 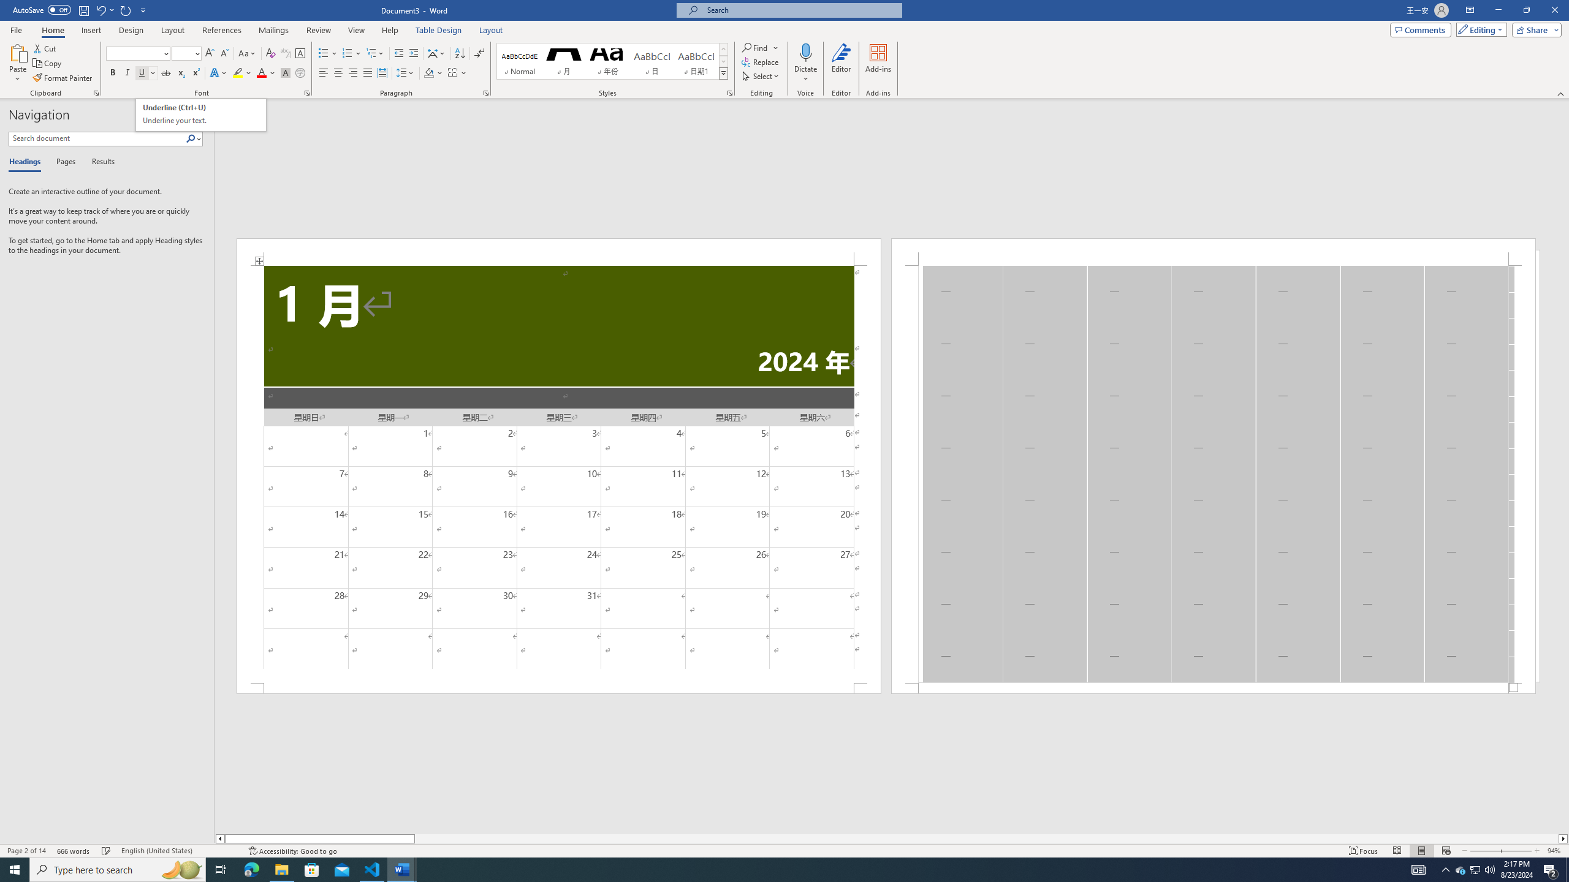 What do you see at coordinates (45, 48) in the screenshot?
I see `'Cut'` at bounding box center [45, 48].